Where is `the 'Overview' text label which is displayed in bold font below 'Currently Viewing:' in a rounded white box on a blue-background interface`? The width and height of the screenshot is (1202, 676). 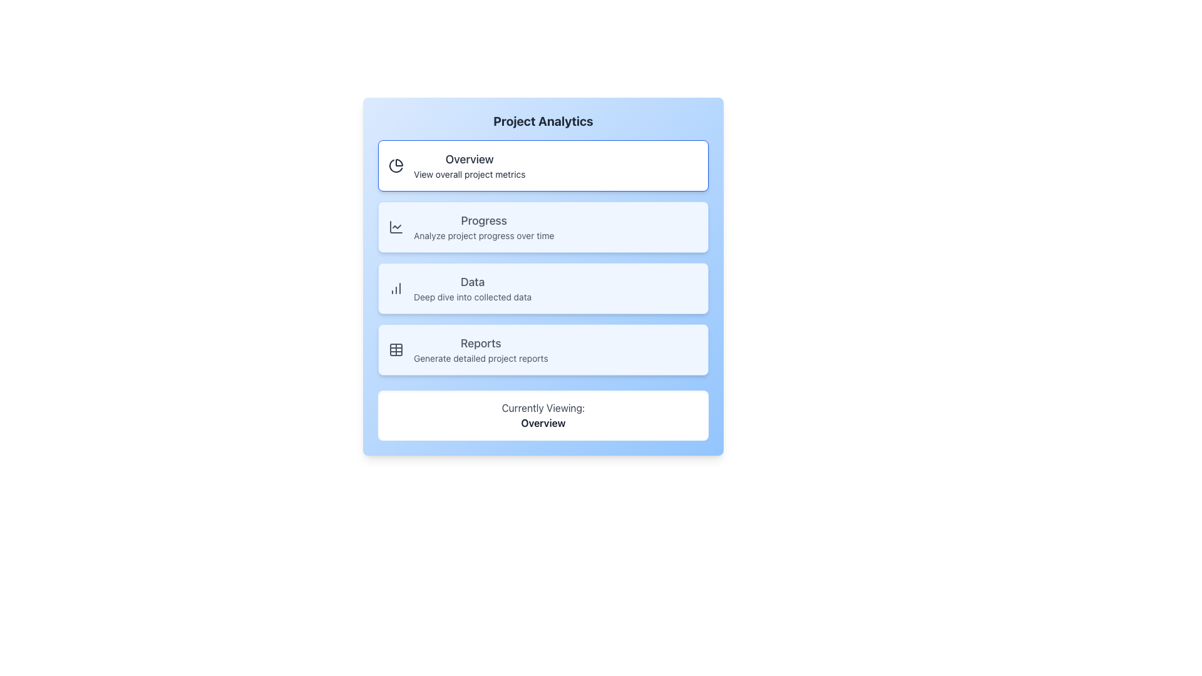
the 'Overview' text label which is displayed in bold font below 'Currently Viewing:' in a rounded white box on a blue-background interface is located at coordinates (543, 422).